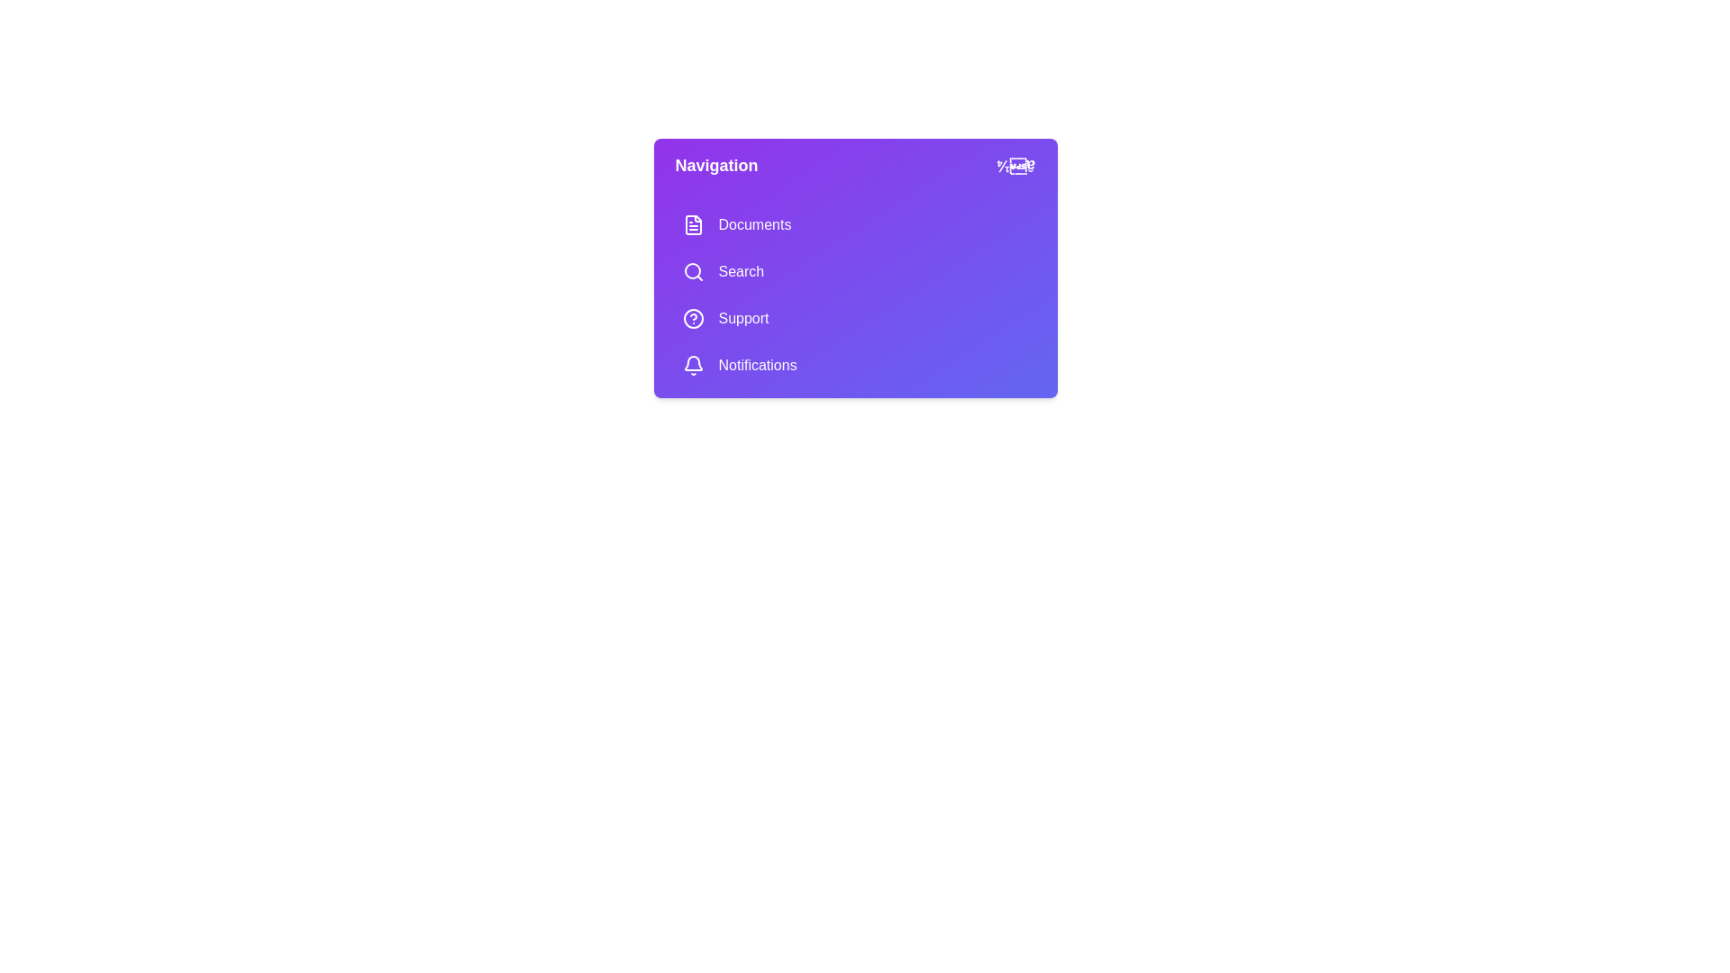  Describe the element at coordinates (854, 224) in the screenshot. I see `the menu item Documents to navigate` at that location.